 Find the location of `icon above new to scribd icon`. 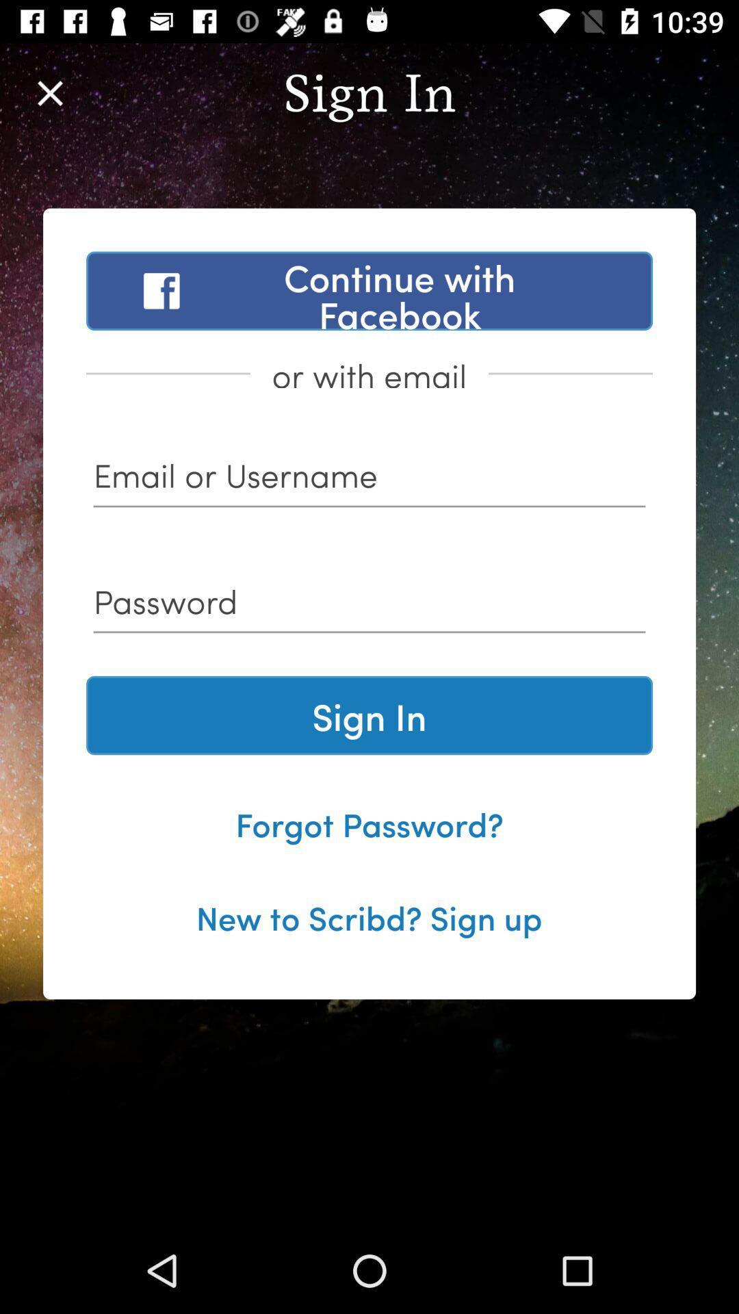

icon above new to scribd icon is located at coordinates (369, 823).